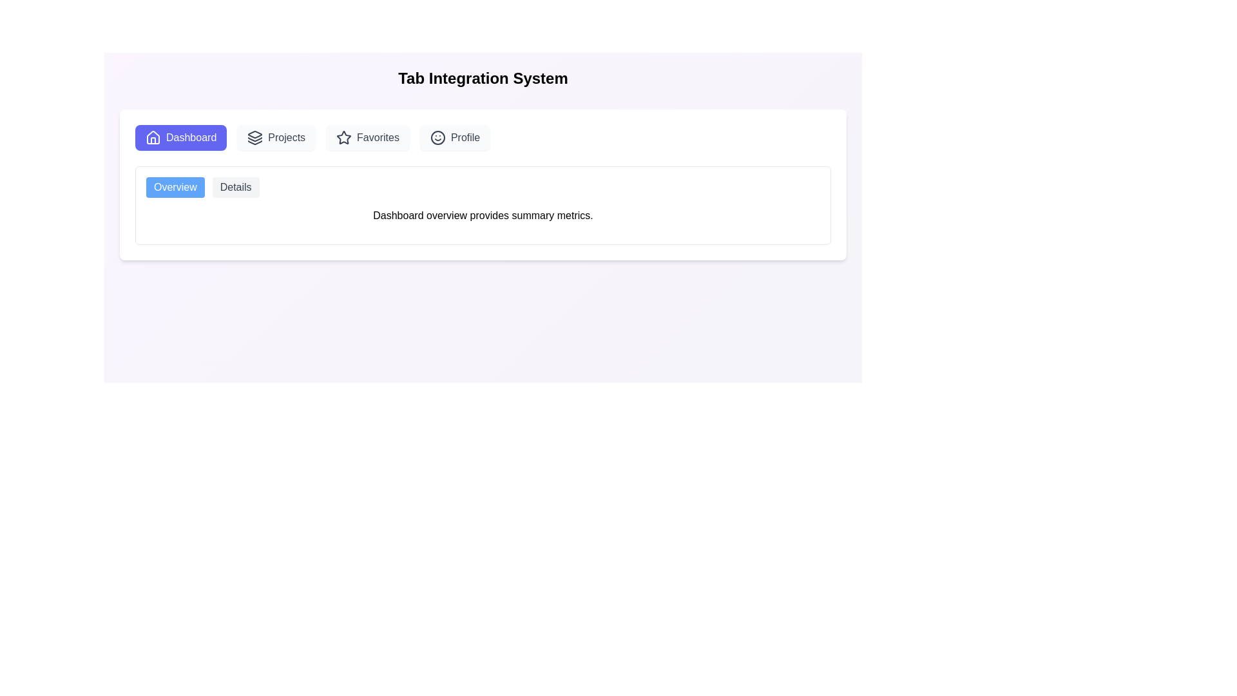  I want to click on the 'Dashboard' button, which is a rounded rectangular button with a purple background and white text, so click(180, 137).